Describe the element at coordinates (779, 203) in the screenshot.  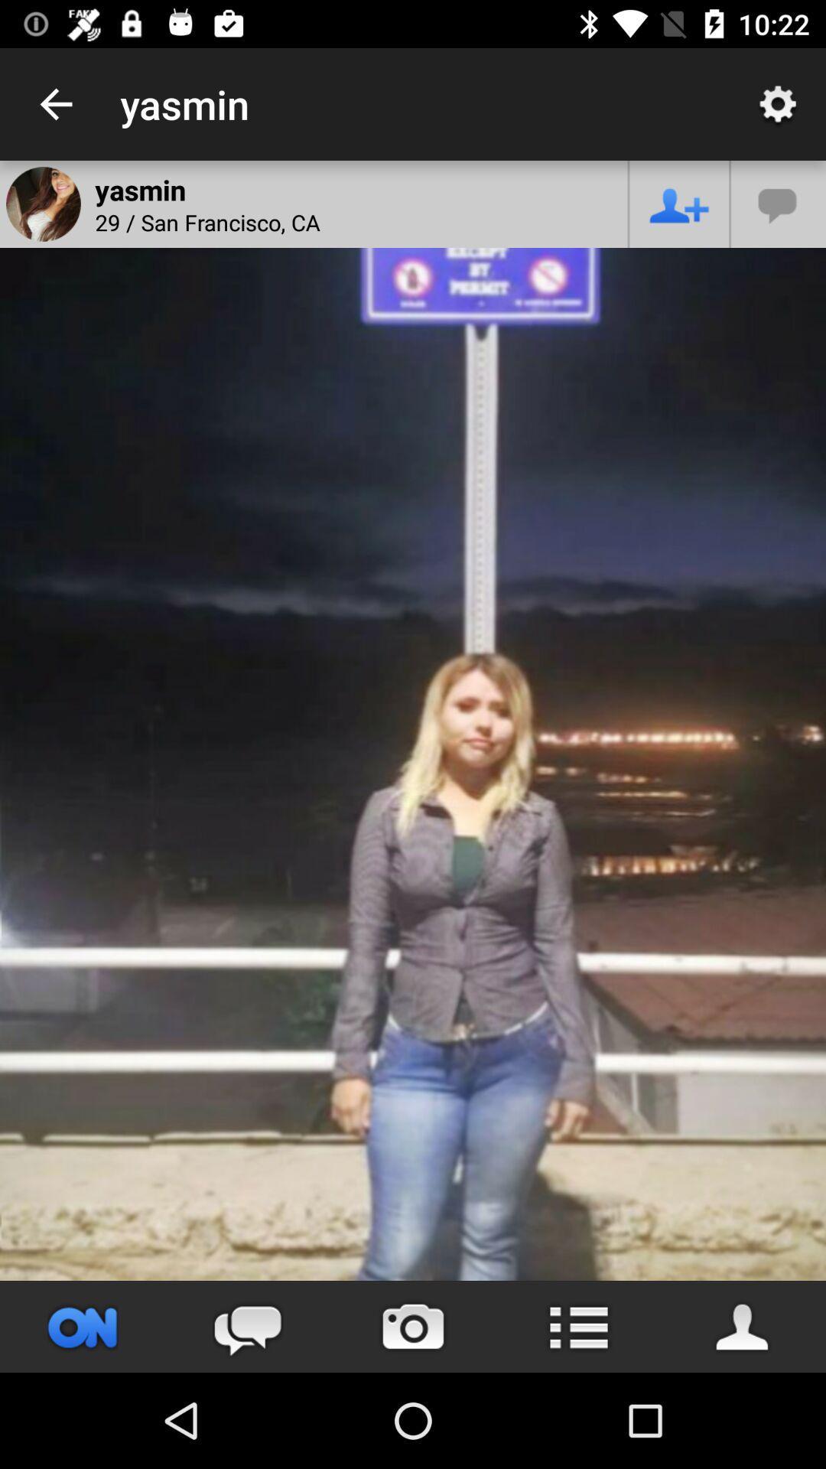
I see `open messages` at that location.